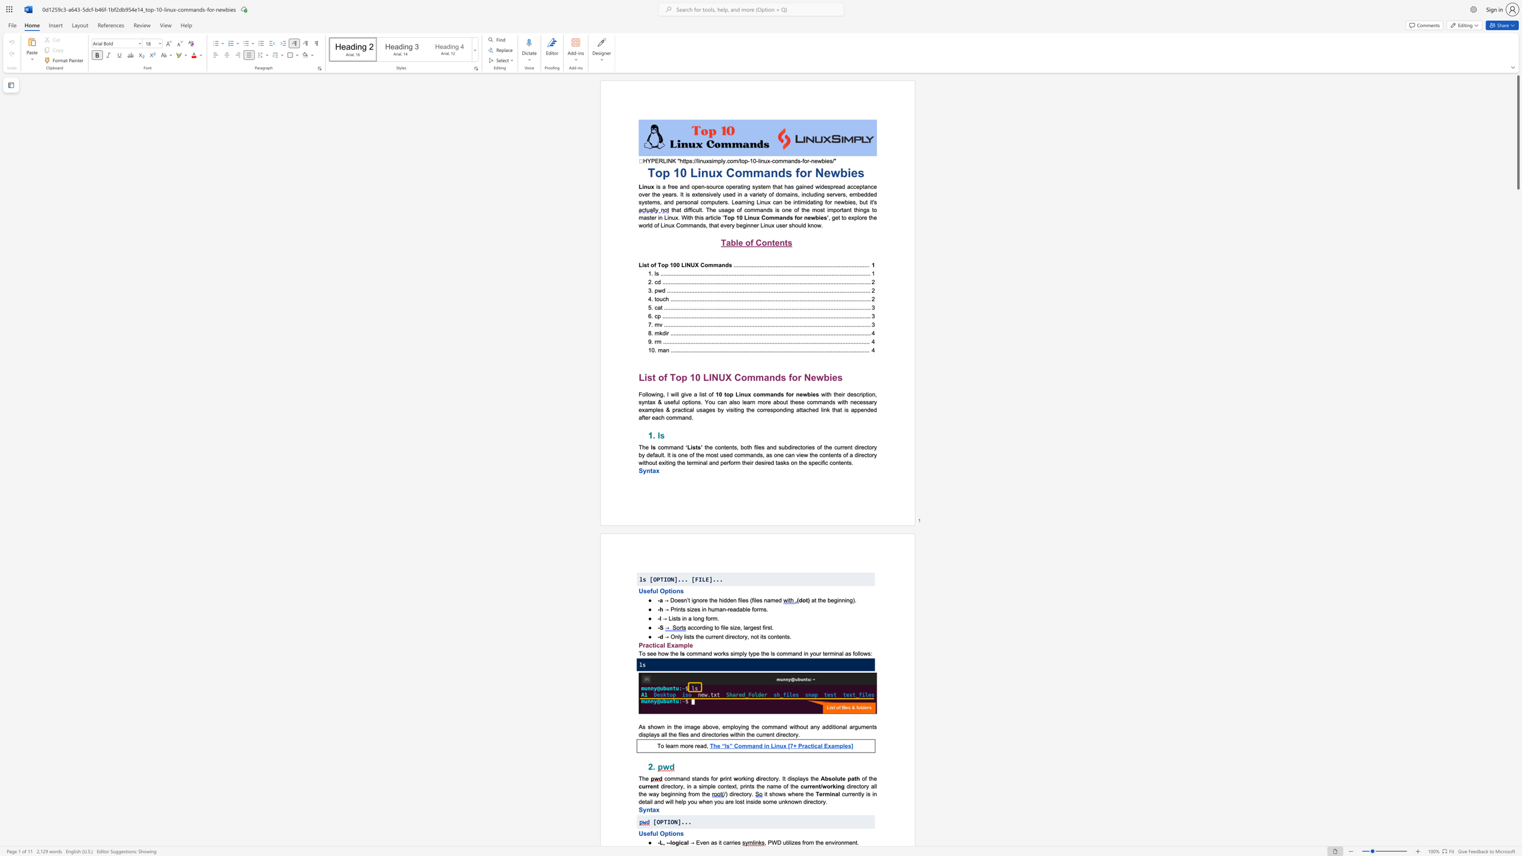  I want to click on the 1th character "7" in the text, so click(791, 746).